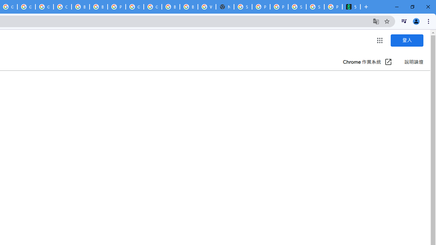  Describe the element at coordinates (225, 7) in the screenshot. I see `'New Tab'` at that location.